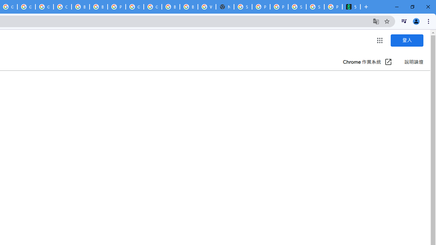  Describe the element at coordinates (225, 7) in the screenshot. I see `'New Tab'` at that location.